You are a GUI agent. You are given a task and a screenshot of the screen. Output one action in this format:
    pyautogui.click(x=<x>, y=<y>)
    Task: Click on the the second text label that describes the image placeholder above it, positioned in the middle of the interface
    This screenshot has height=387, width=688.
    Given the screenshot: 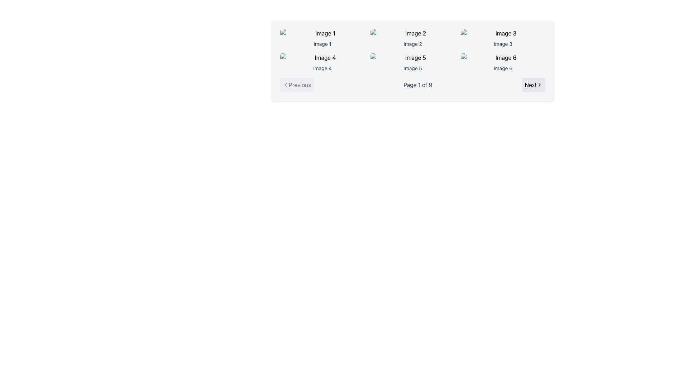 What is the action you would take?
    pyautogui.click(x=413, y=44)
    